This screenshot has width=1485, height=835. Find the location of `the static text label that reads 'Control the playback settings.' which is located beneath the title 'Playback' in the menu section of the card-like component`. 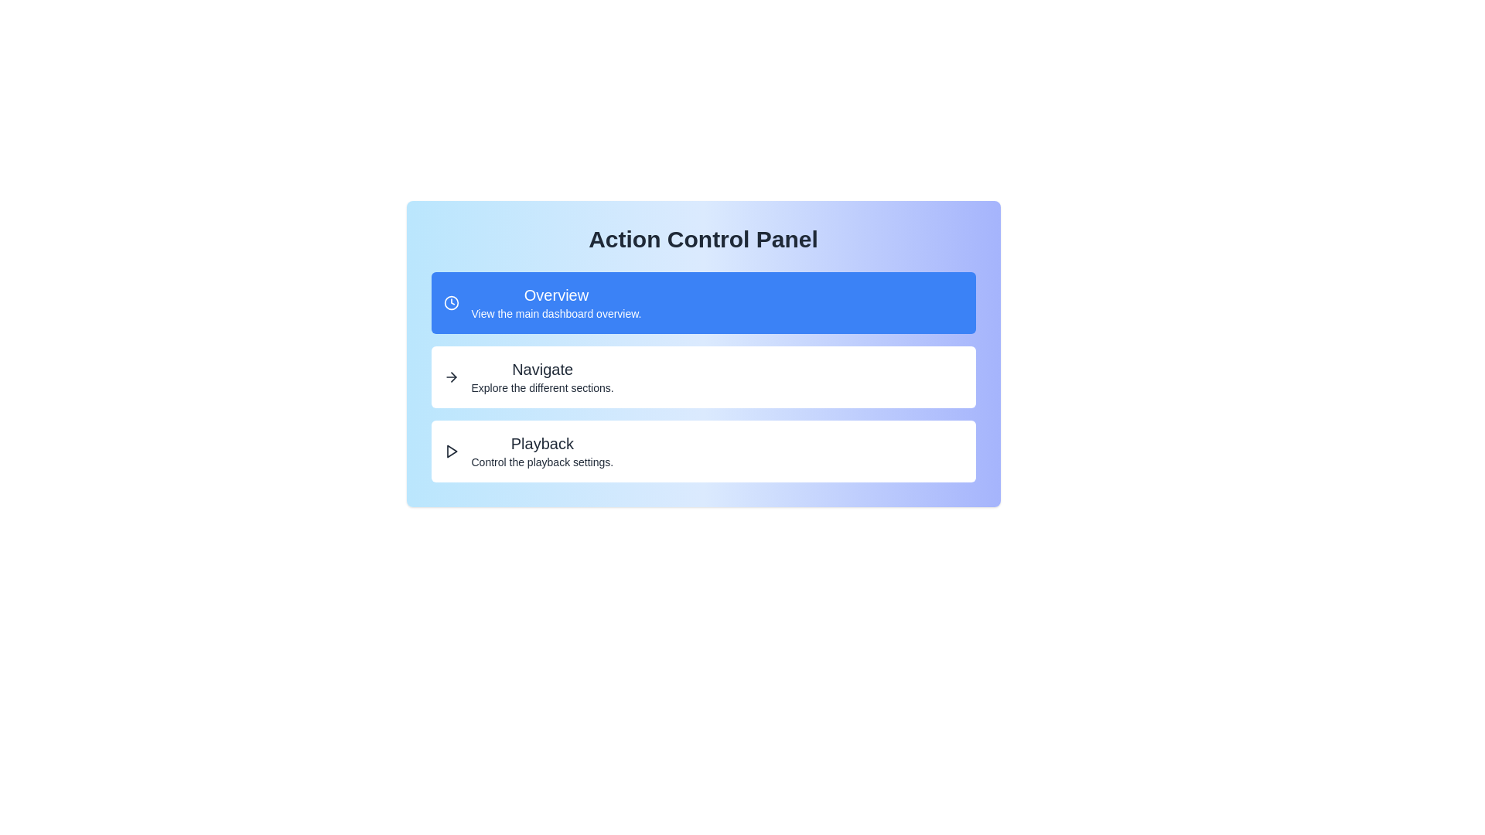

the static text label that reads 'Control the playback settings.' which is located beneath the title 'Playback' in the menu section of the card-like component is located at coordinates (542, 461).